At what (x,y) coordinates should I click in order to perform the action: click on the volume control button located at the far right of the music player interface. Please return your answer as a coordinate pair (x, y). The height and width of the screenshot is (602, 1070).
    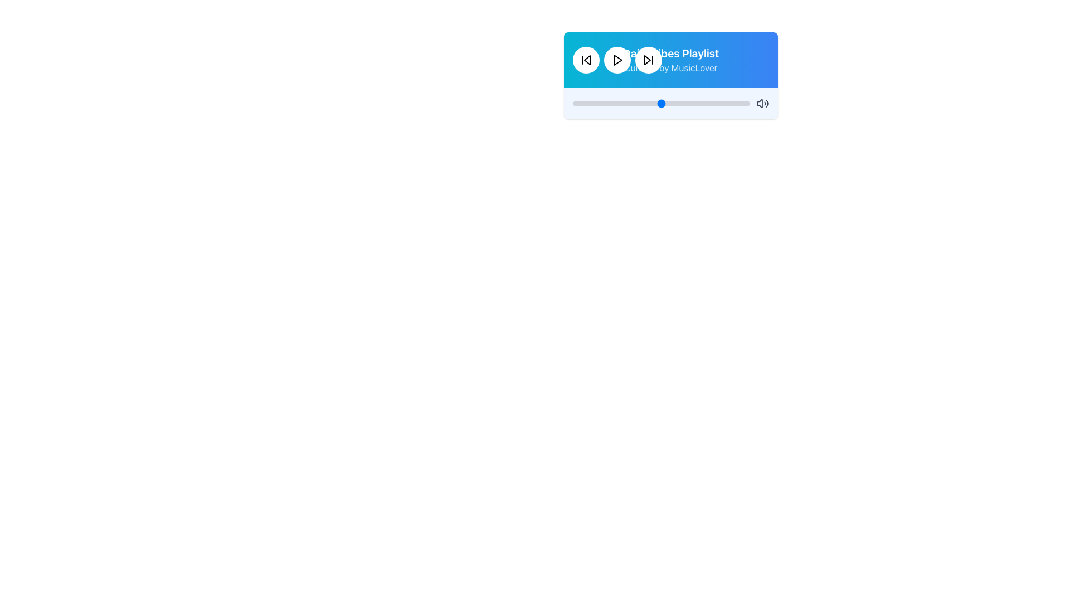
    Looking at the image, I should click on (762, 103).